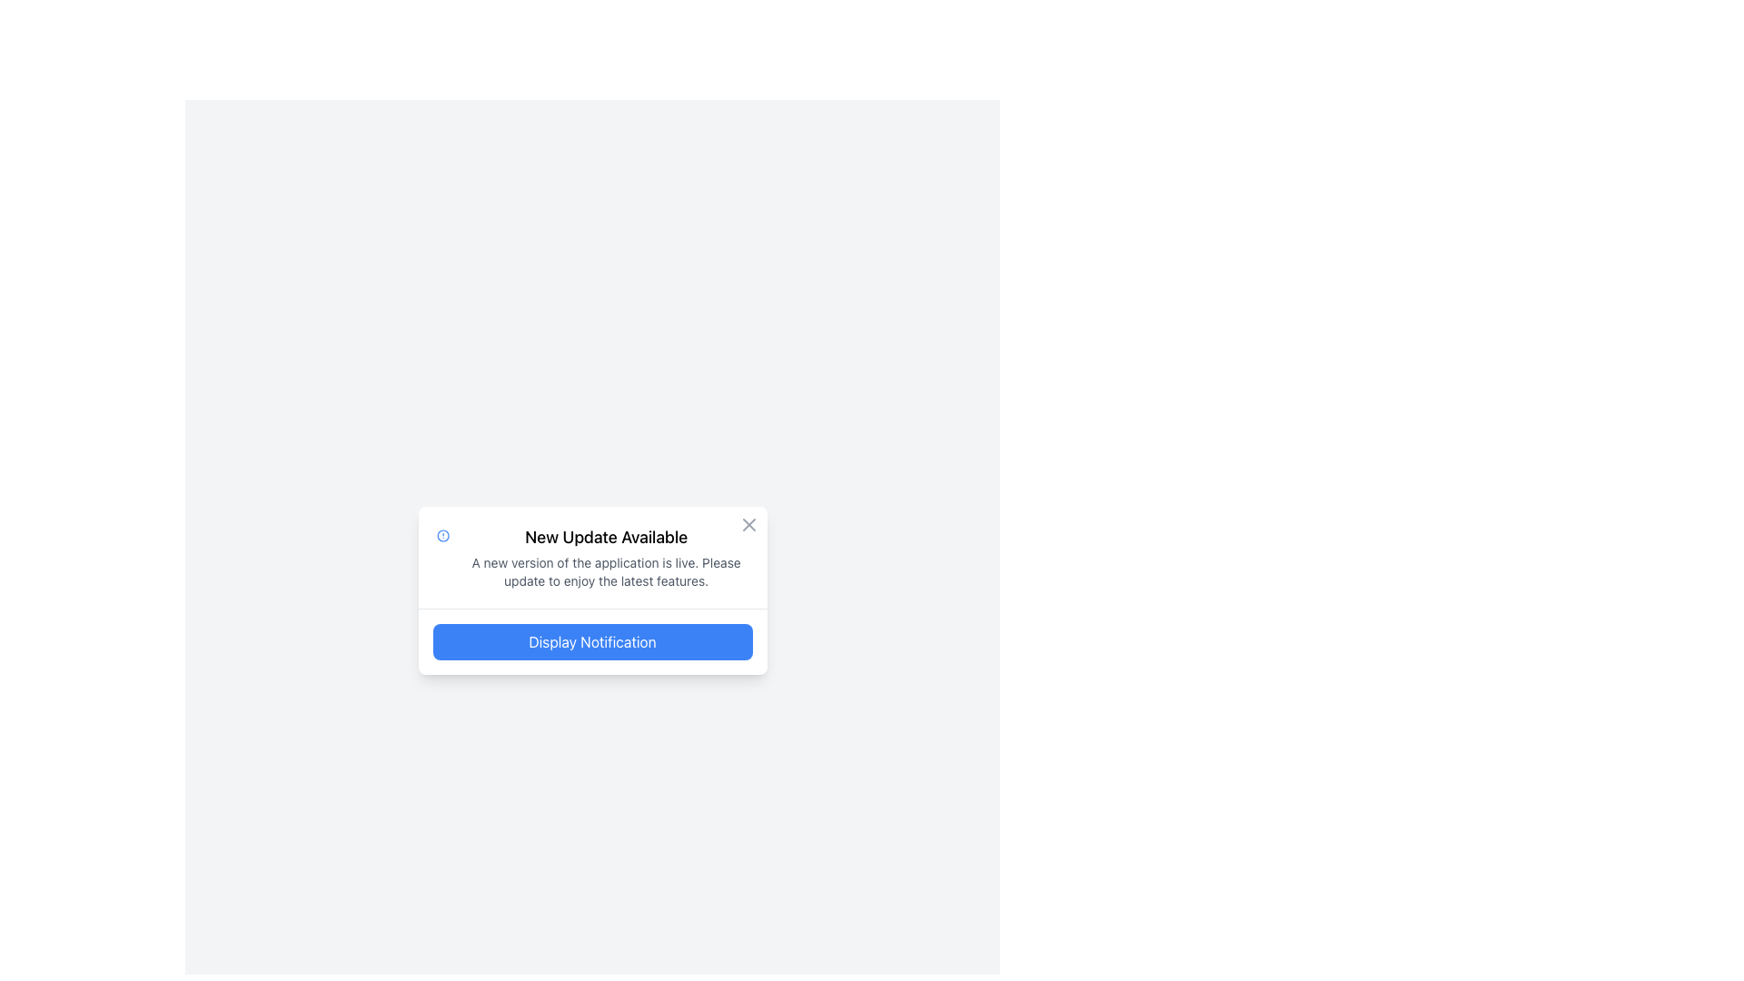 Image resolution: width=1744 pixels, height=981 pixels. Describe the element at coordinates (606, 536) in the screenshot. I see `the heading text that indicates a new update is available, centrally aligned within a popup card` at that location.